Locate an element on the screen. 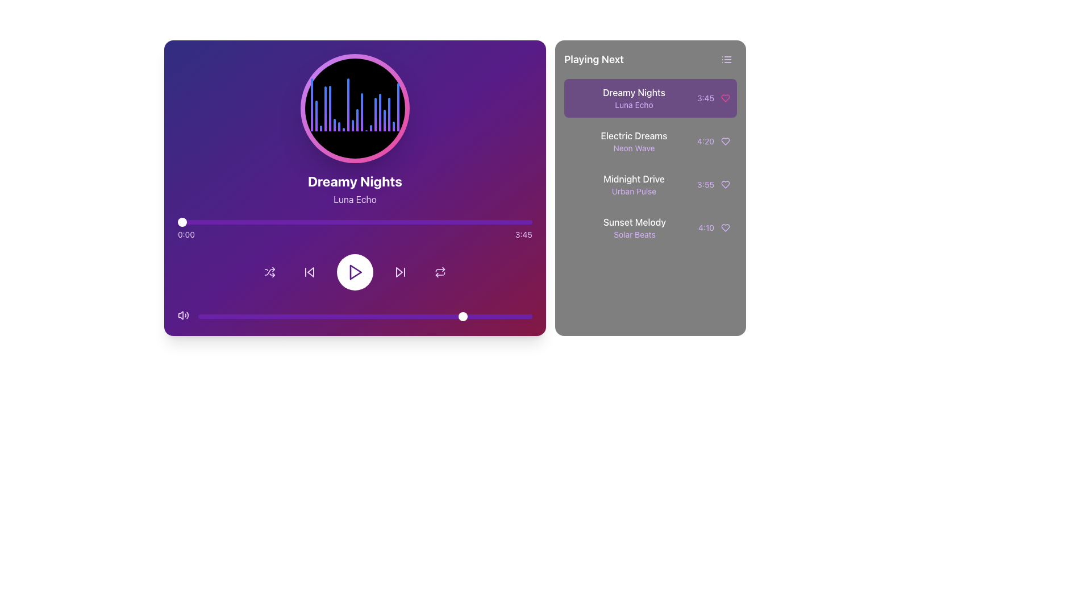 The width and height of the screenshot is (1091, 614). the progress bar located centrally within the media player box is located at coordinates (354, 230).